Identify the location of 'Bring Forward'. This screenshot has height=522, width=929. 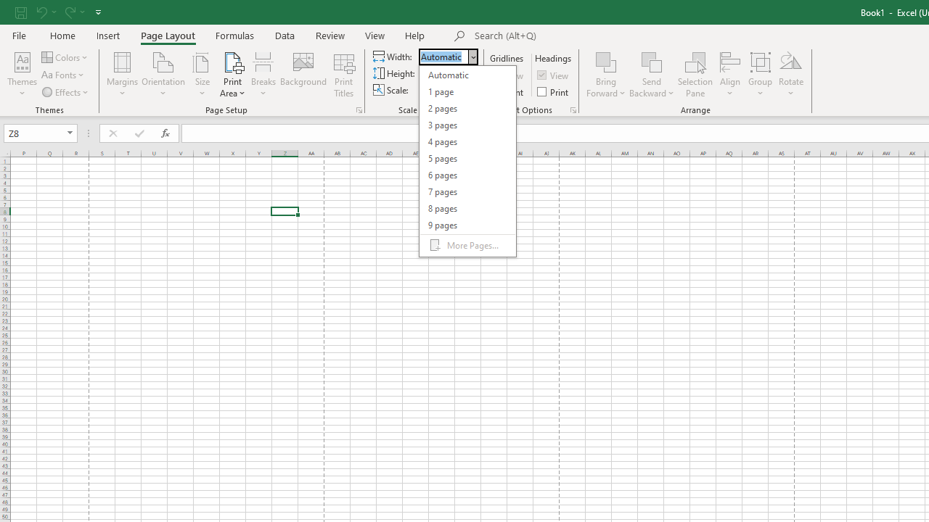
(606, 75).